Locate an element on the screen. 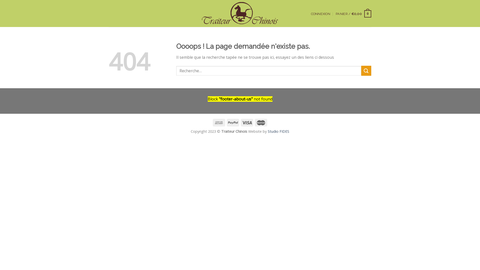 The height and width of the screenshot is (270, 480). 'Traiteur Chinois Brussel - Fine Chinese takeaway in Brussels' is located at coordinates (240, 13).